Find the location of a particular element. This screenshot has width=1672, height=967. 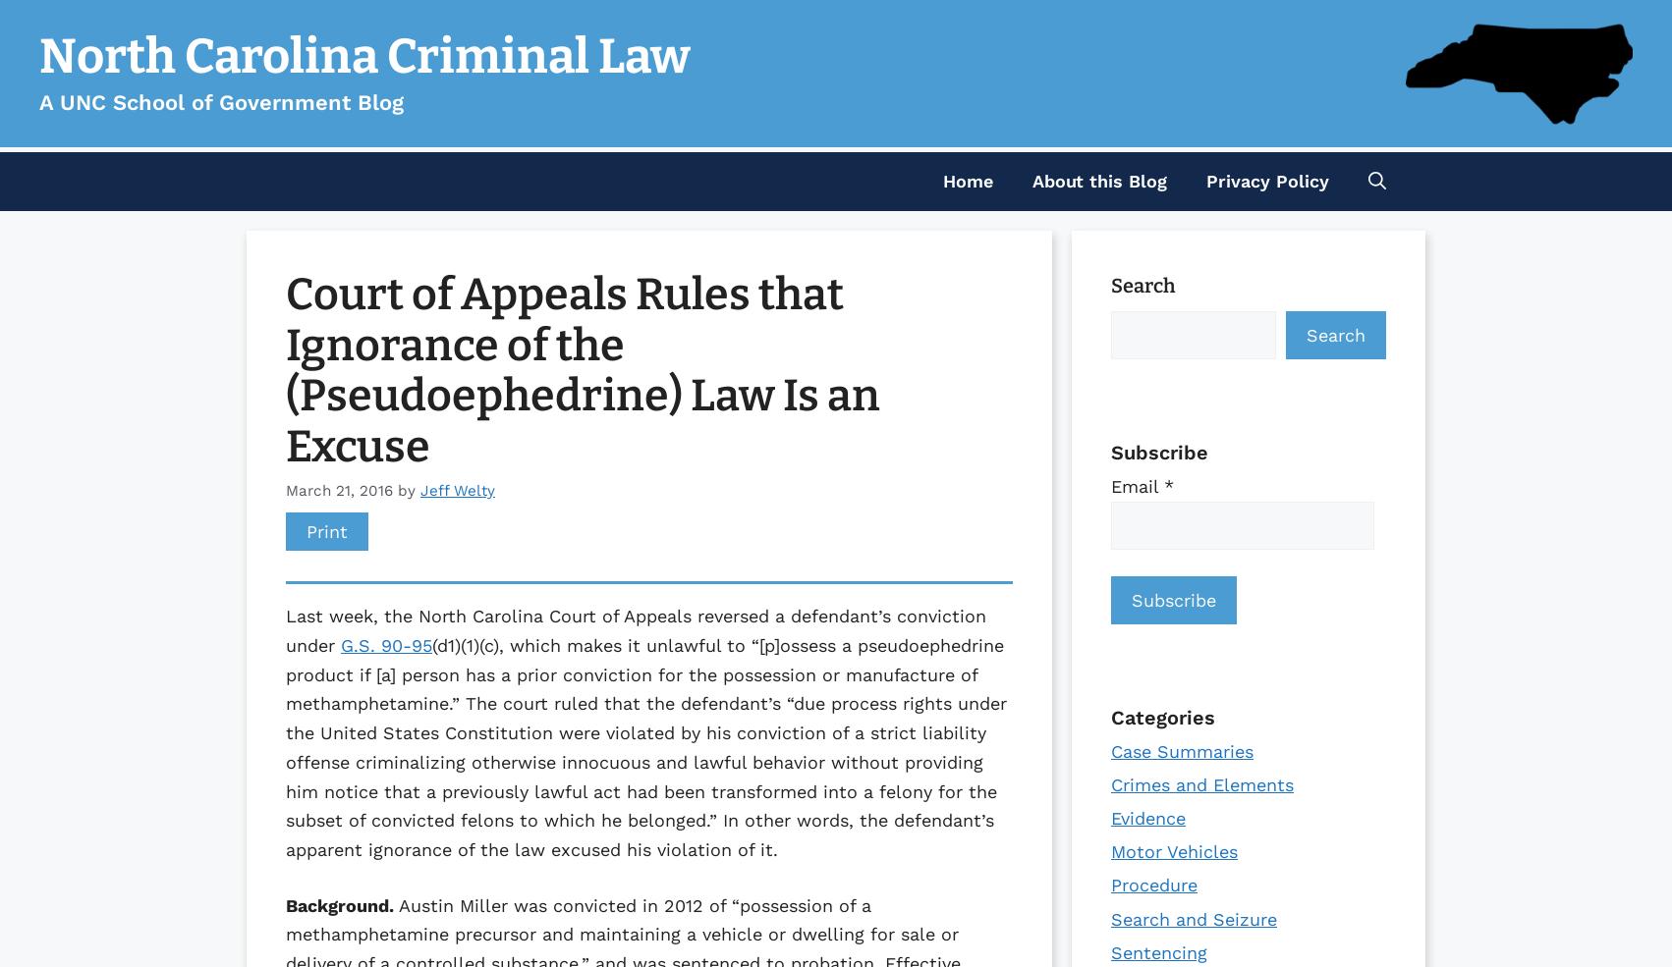

'Email' is located at coordinates (1138, 486).